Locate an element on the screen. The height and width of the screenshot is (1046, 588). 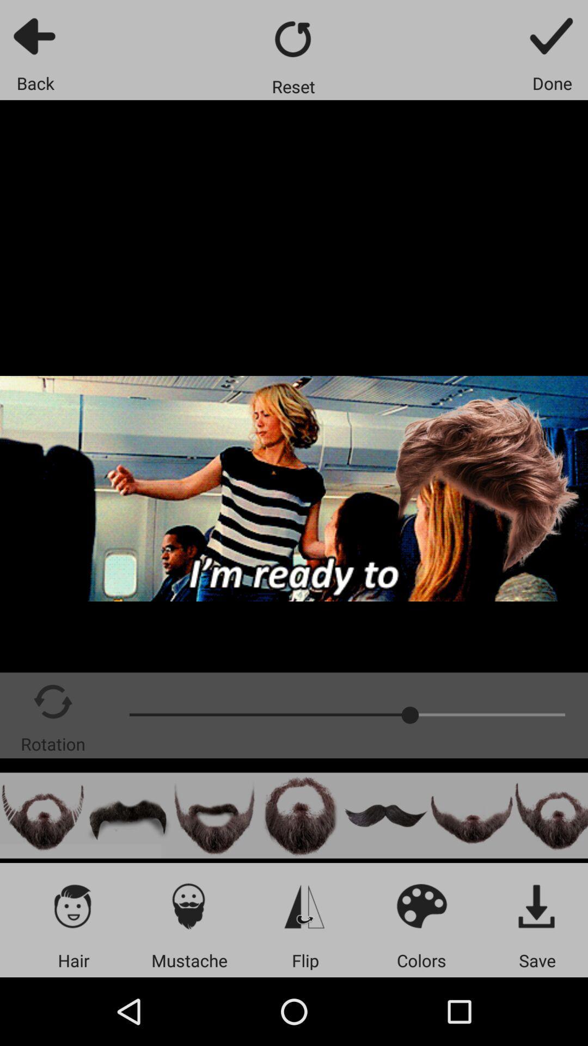
back to previous screen is located at coordinates (35, 35).